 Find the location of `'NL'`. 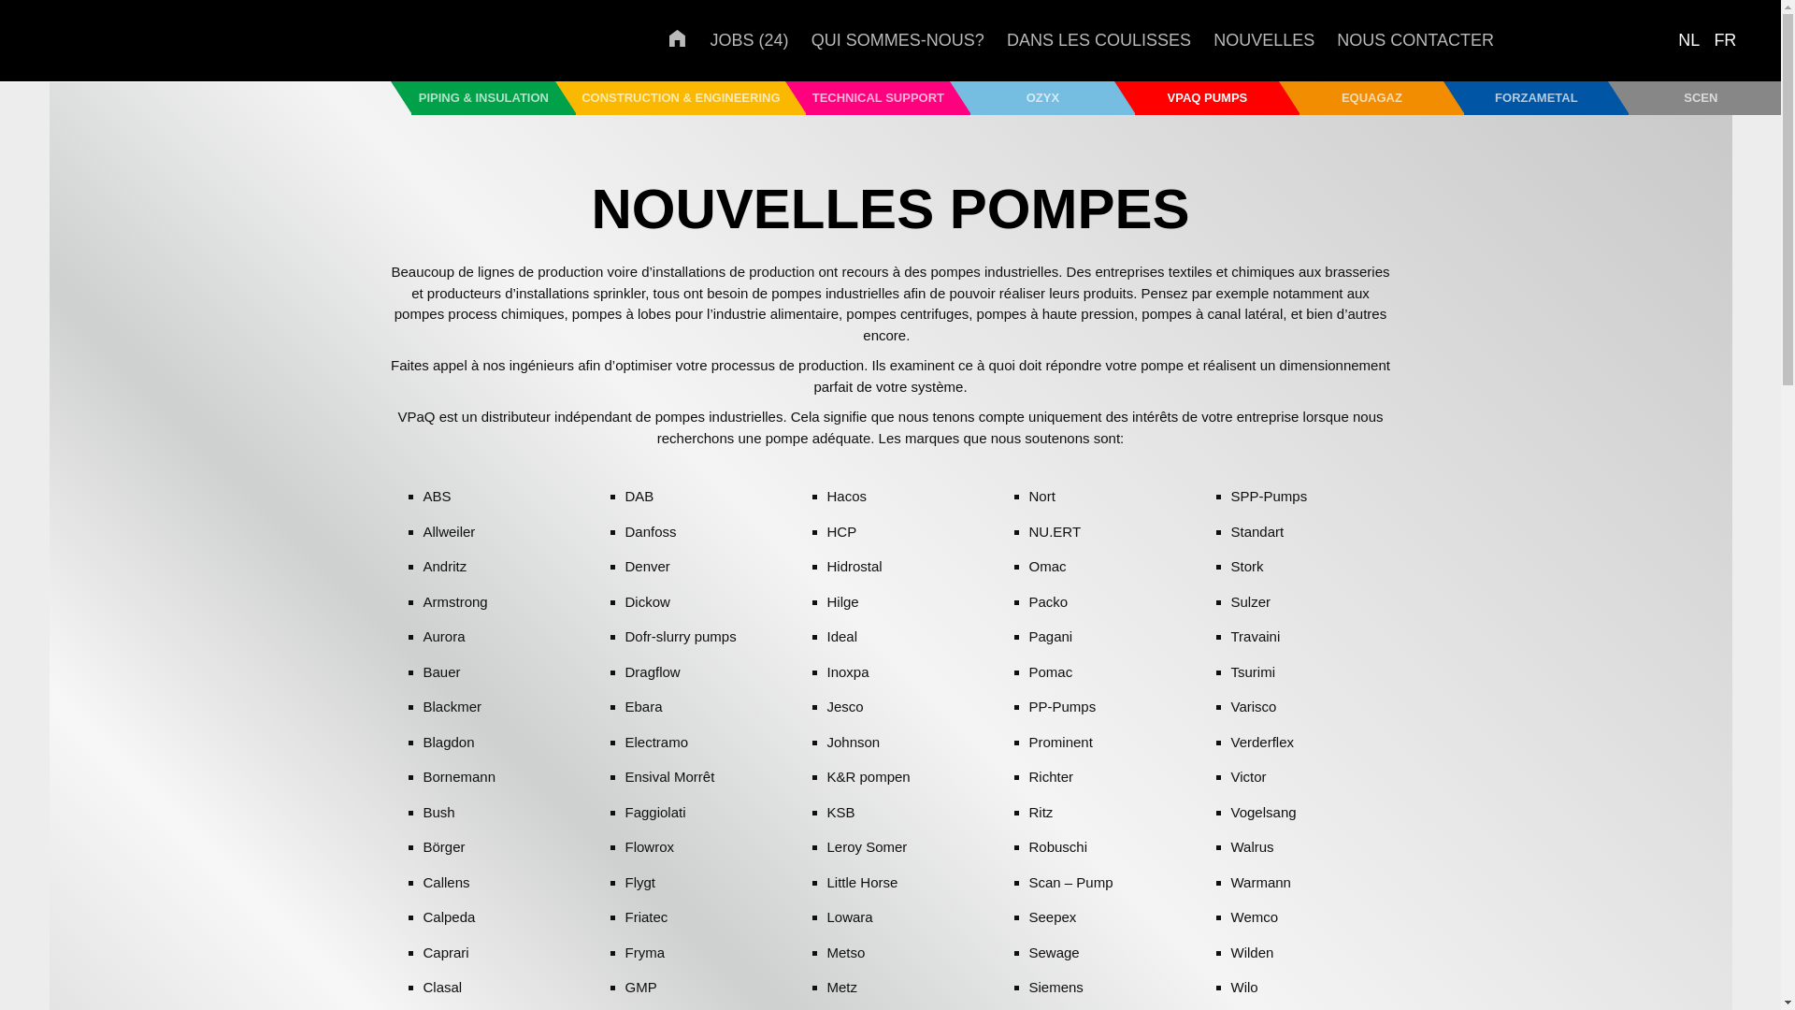

'NL' is located at coordinates (1688, 39).